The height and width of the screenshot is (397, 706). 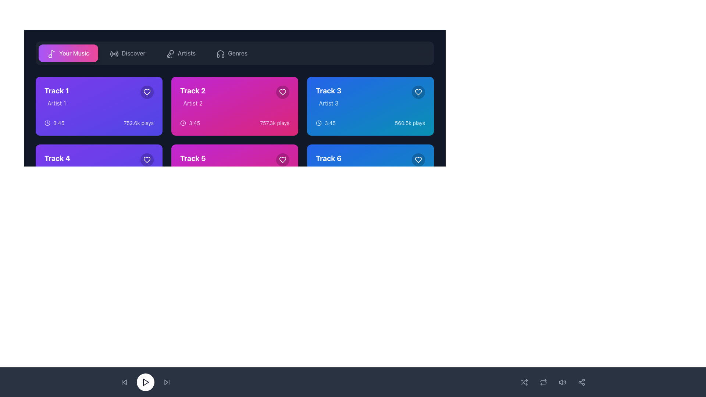 I want to click on the leftmost navigation button to redirect to the 'Your Music' section, which displays the user's personal music collection, so click(x=68, y=53).